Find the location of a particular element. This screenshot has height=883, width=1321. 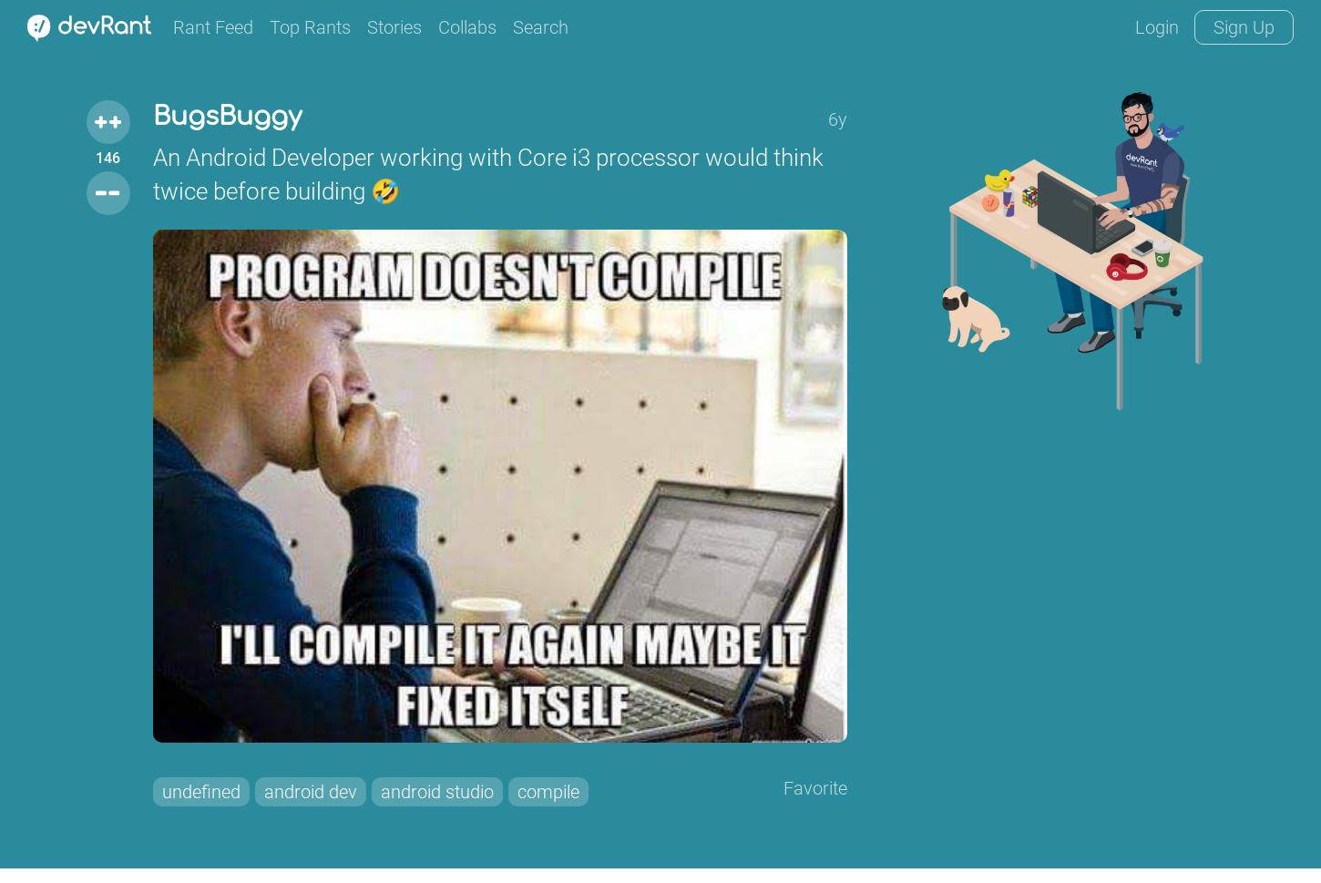

'Login' is located at coordinates (1157, 27).